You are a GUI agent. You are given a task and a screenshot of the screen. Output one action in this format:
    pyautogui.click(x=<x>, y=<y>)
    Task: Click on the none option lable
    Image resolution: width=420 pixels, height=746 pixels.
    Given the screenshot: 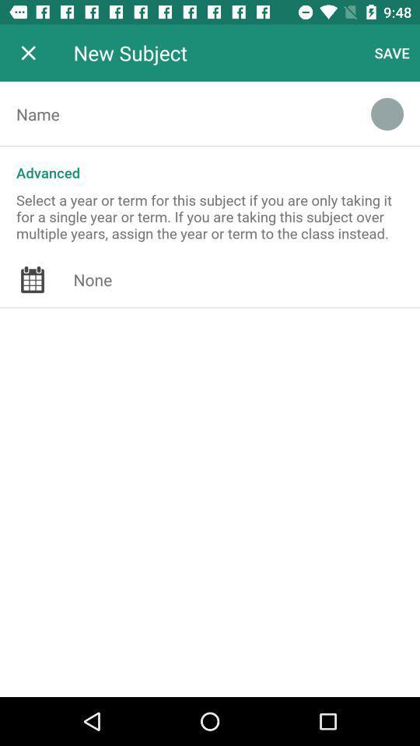 What is the action you would take?
    pyautogui.click(x=247, y=280)
    